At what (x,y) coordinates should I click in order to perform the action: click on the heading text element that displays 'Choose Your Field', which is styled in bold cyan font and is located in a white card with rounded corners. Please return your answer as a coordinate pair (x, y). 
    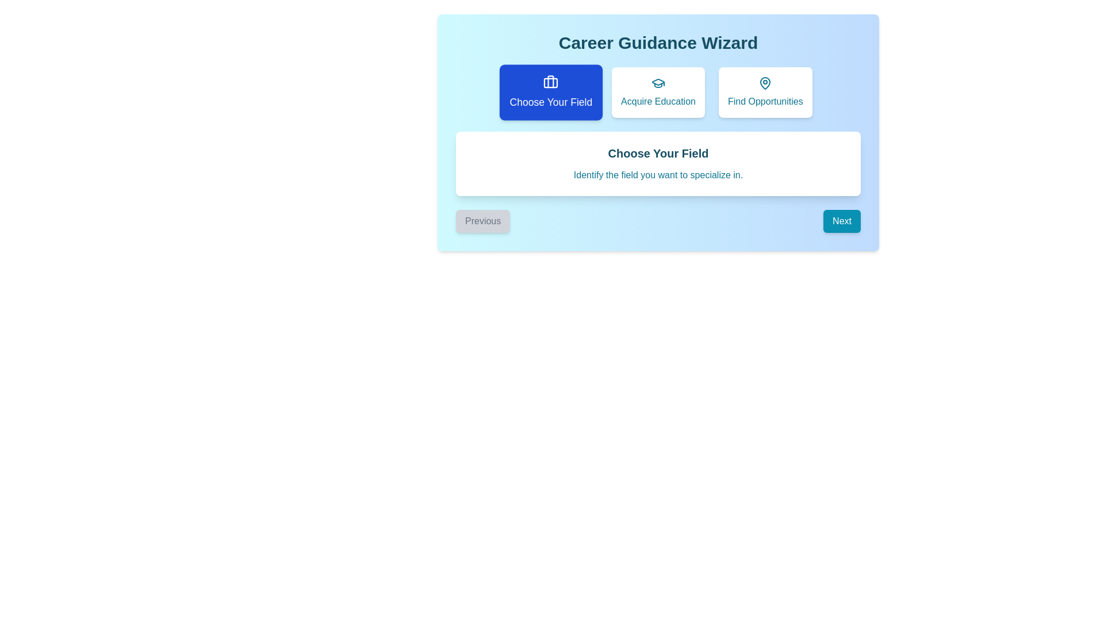
    Looking at the image, I should click on (658, 152).